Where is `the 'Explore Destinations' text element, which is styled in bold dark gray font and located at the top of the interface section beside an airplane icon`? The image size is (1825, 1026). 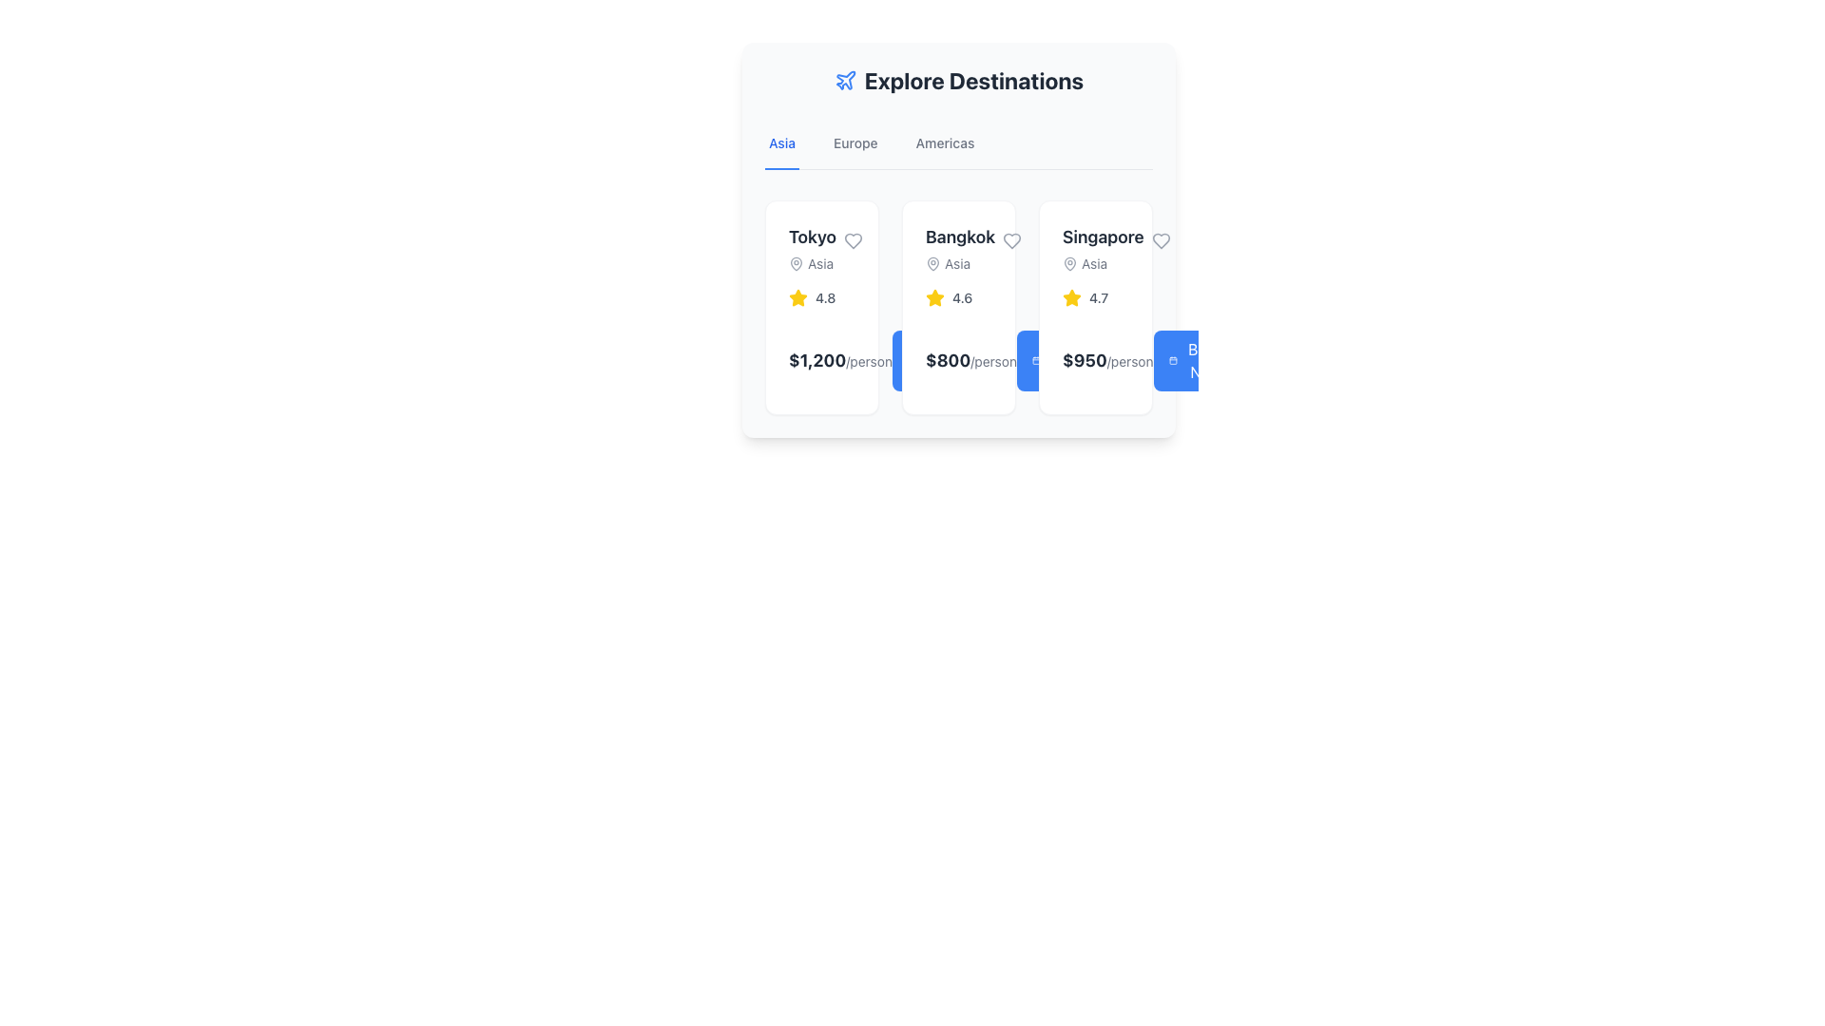 the 'Explore Destinations' text element, which is styled in bold dark gray font and located at the top of the interface section beside an airplane icon is located at coordinates (973, 79).